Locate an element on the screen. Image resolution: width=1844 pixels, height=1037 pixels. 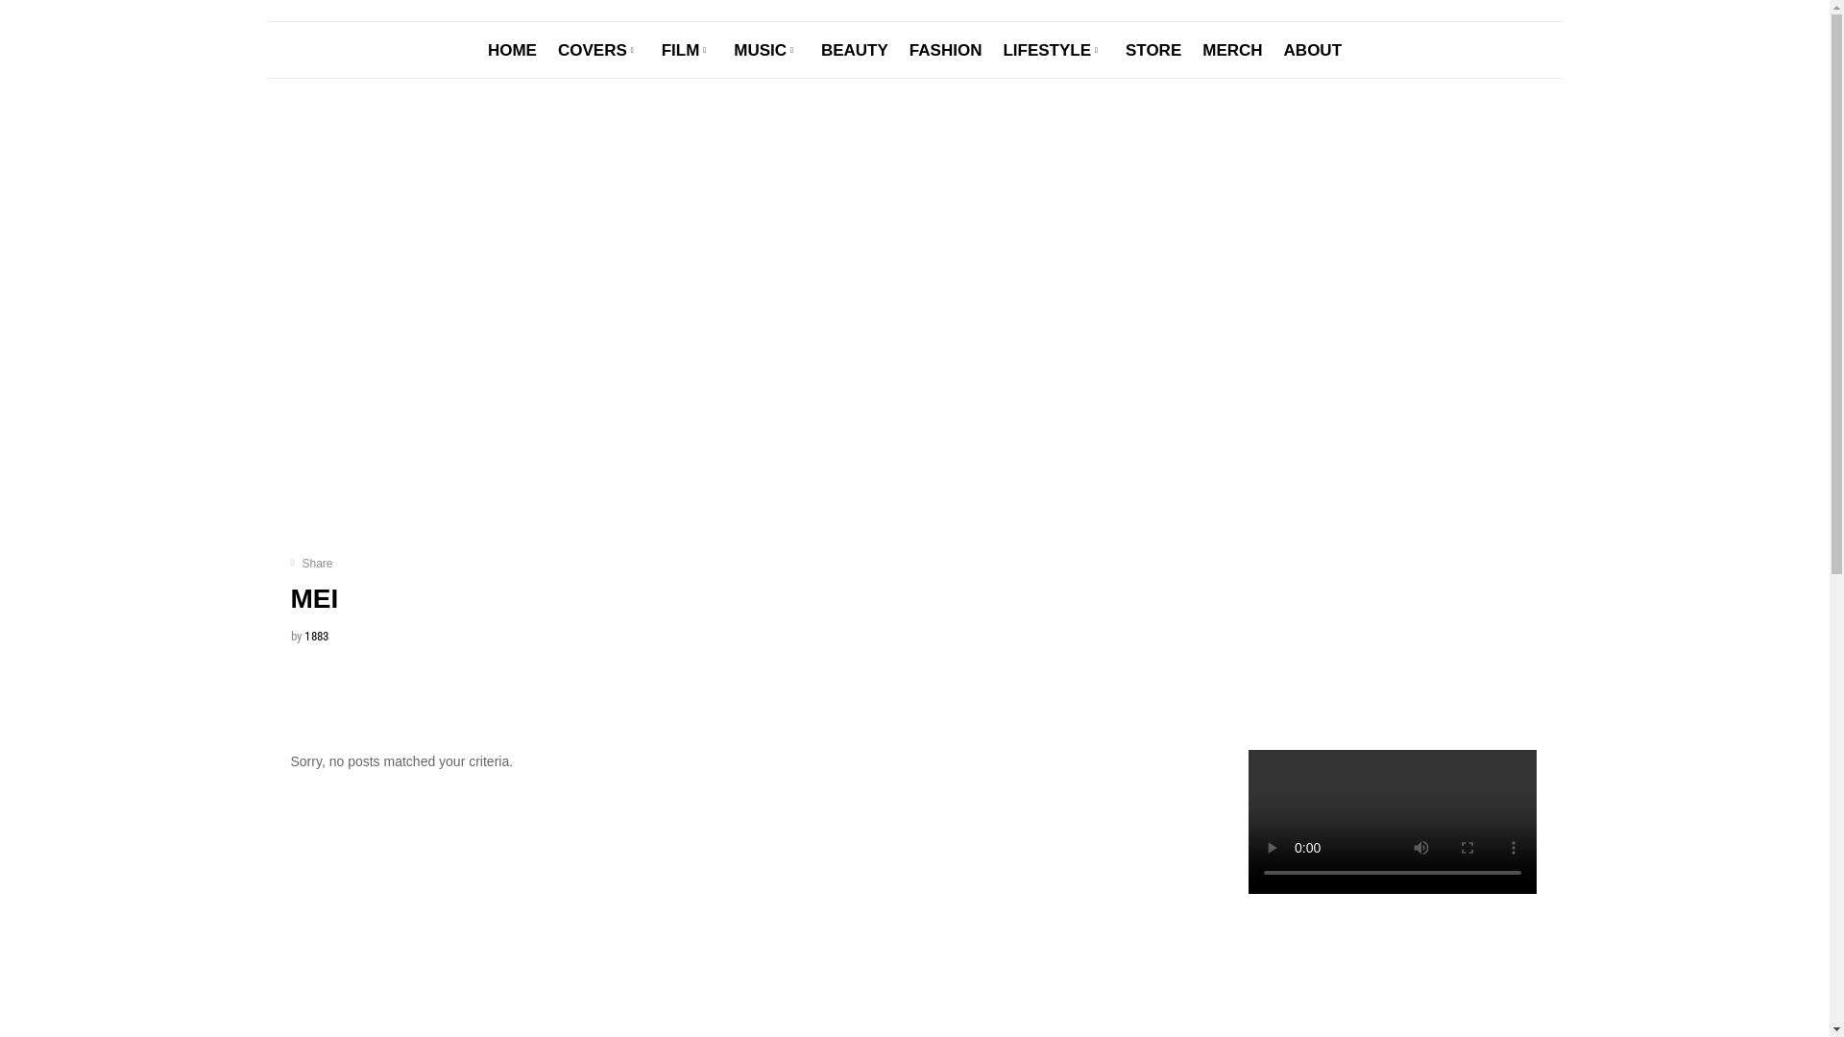
'MEI' is located at coordinates (313, 597).